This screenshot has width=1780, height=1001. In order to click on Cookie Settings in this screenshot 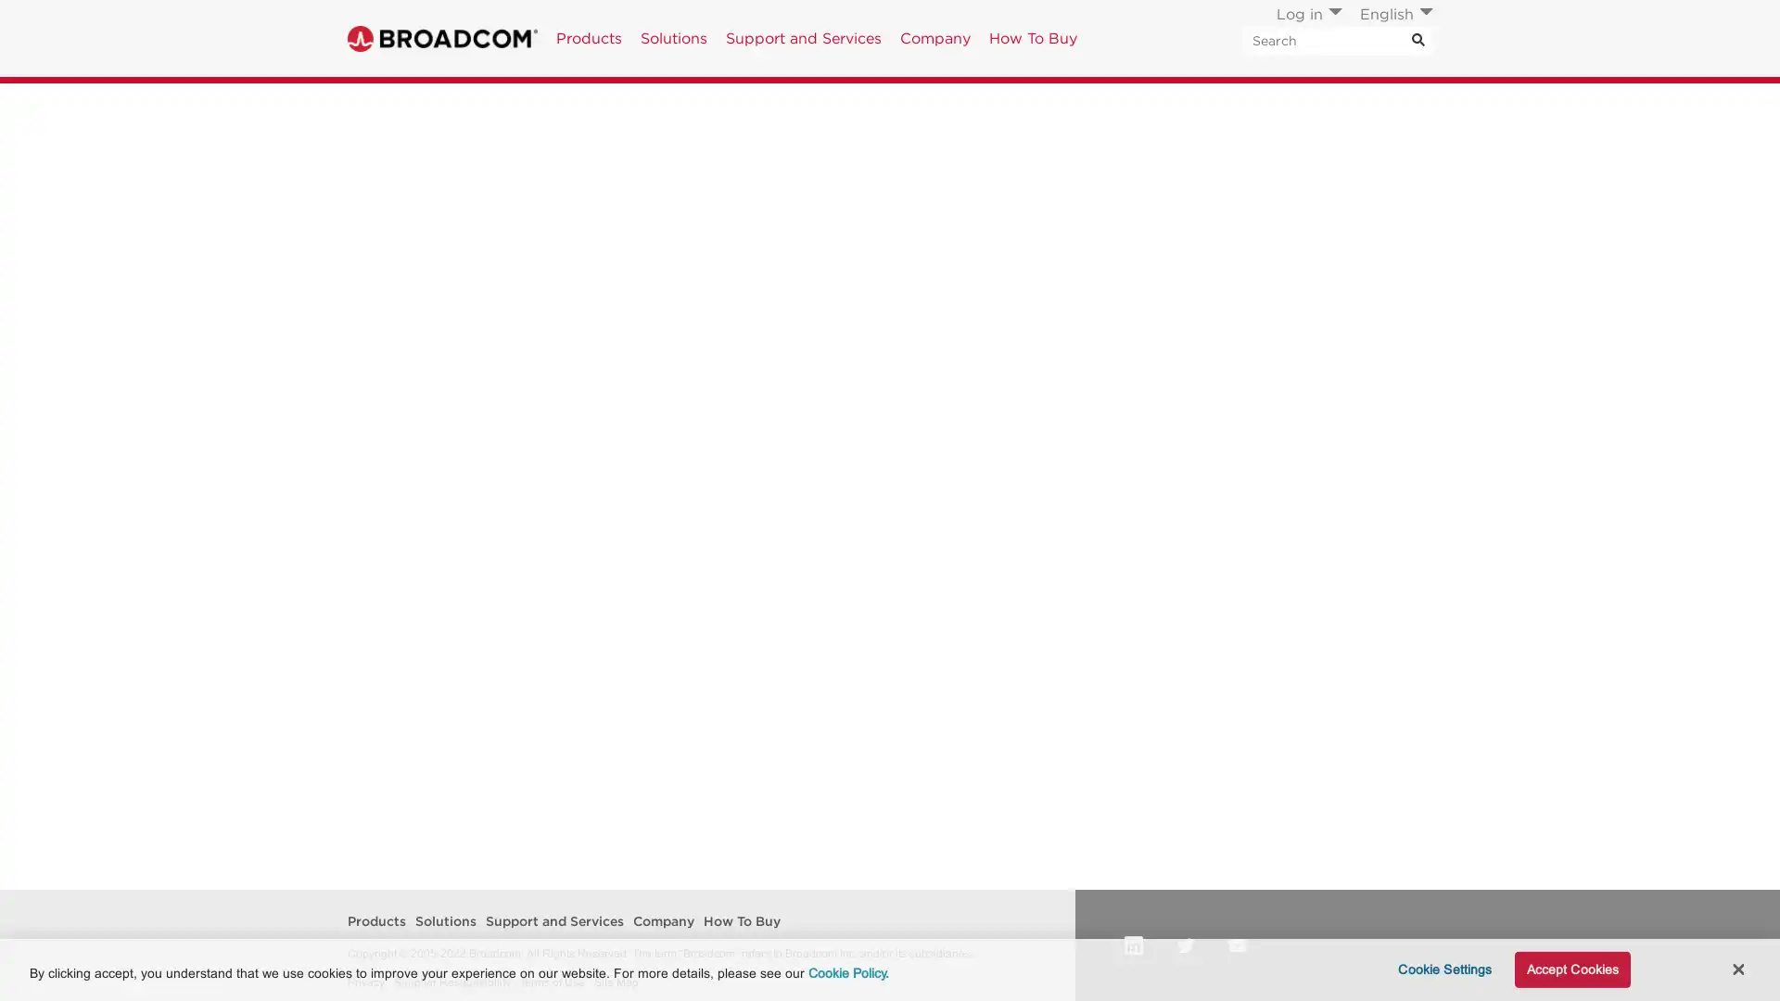, I will do `click(1438, 969)`.